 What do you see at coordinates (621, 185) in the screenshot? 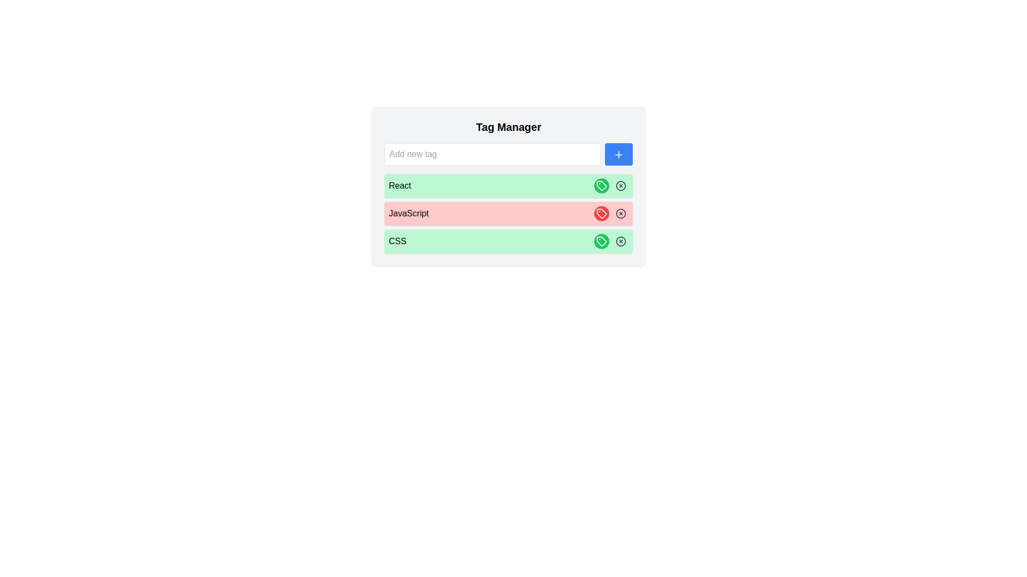
I see `'Delete' button for the tag labeled React` at bounding box center [621, 185].